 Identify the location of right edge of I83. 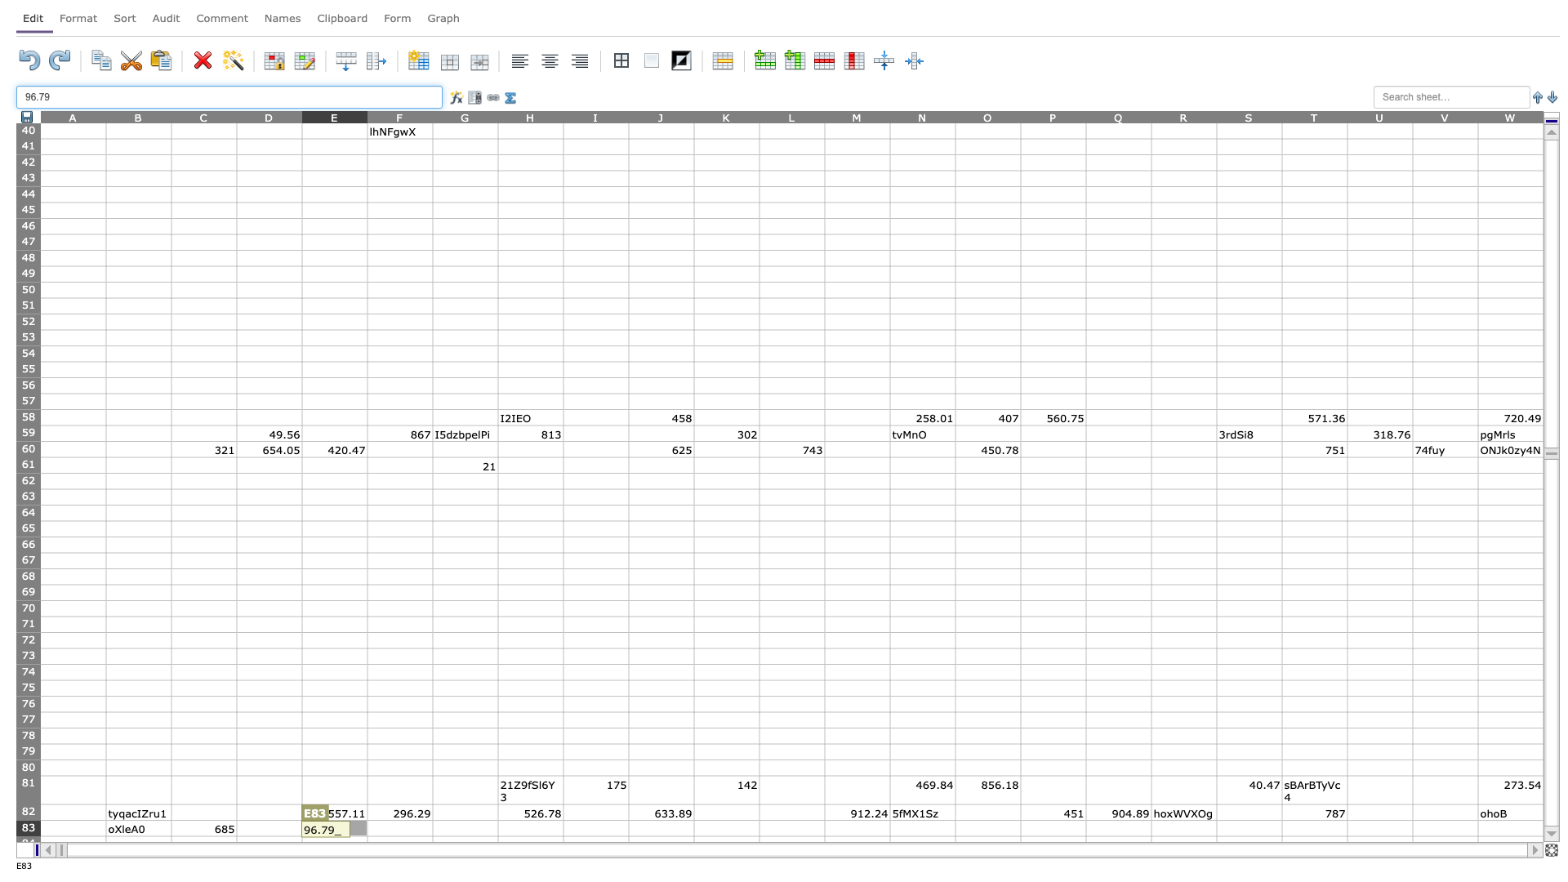
(627, 828).